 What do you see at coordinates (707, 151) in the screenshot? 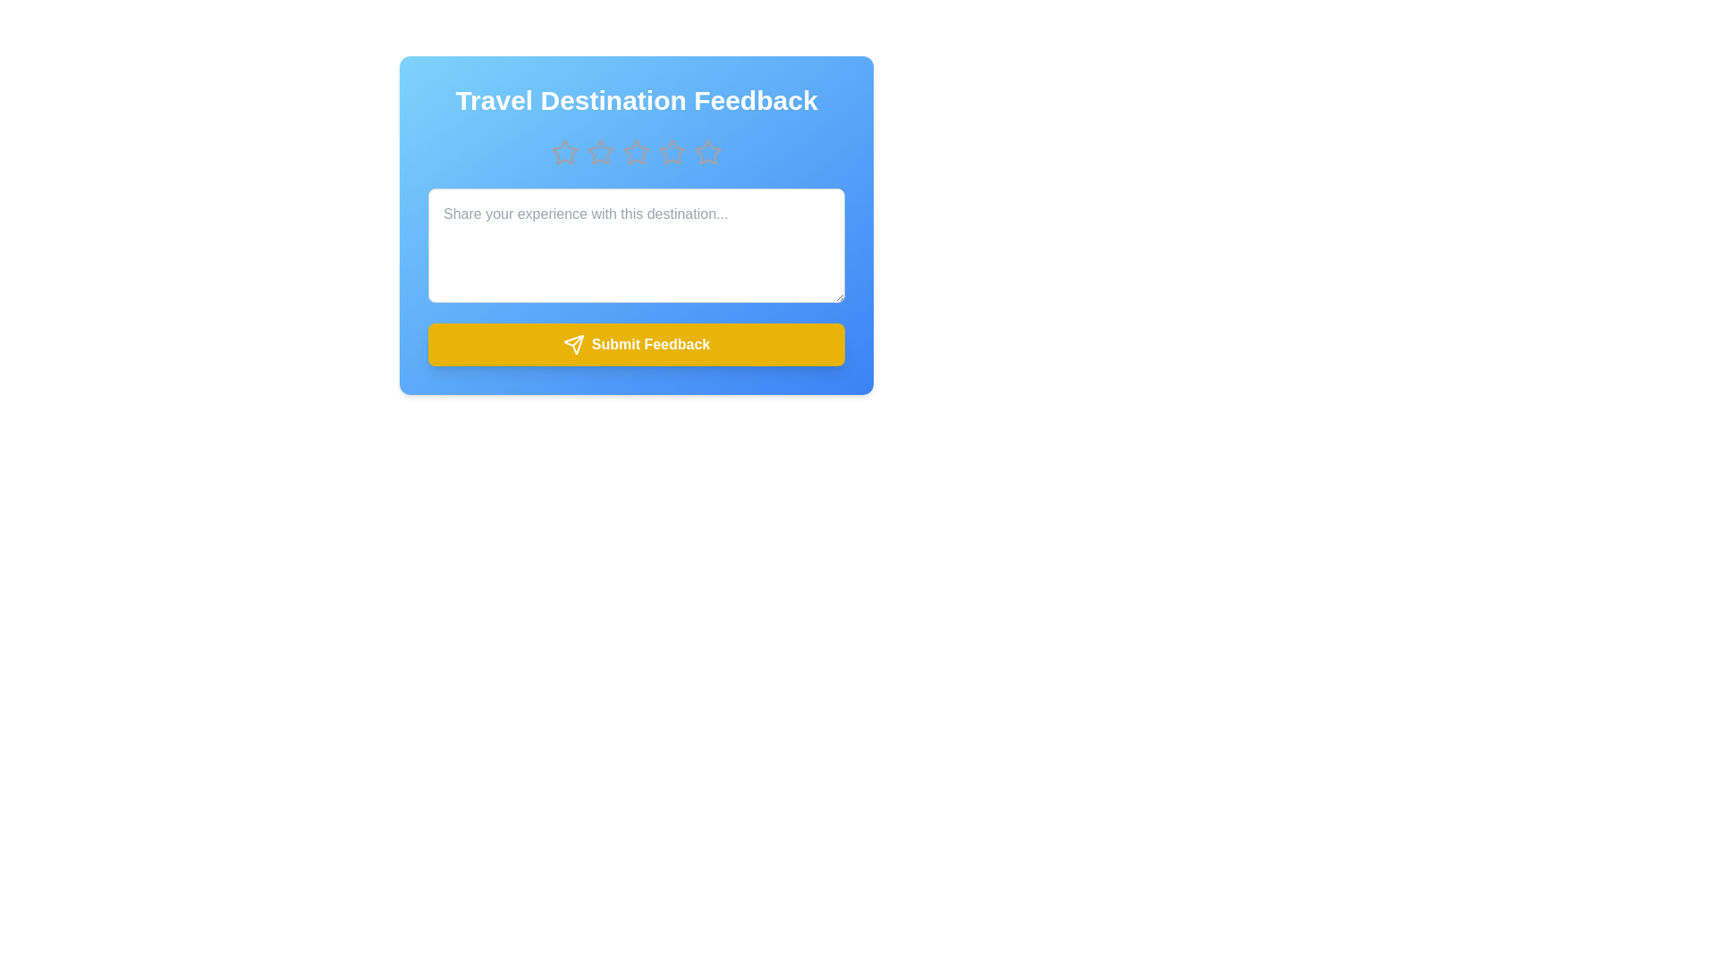
I see `the star corresponding to the desired rating 5` at bounding box center [707, 151].